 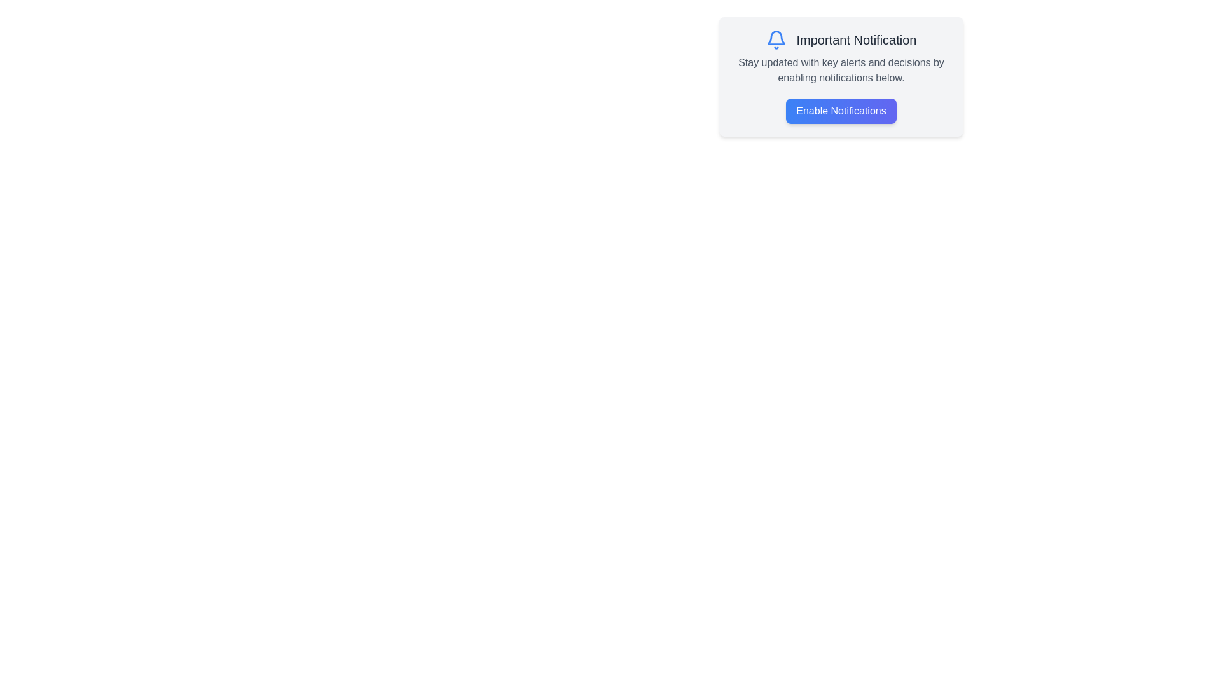 I want to click on the Header element that contains a blue bell icon and the text 'Important Notification', which is positioned at the top of the layout, so click(x=841, y=39).